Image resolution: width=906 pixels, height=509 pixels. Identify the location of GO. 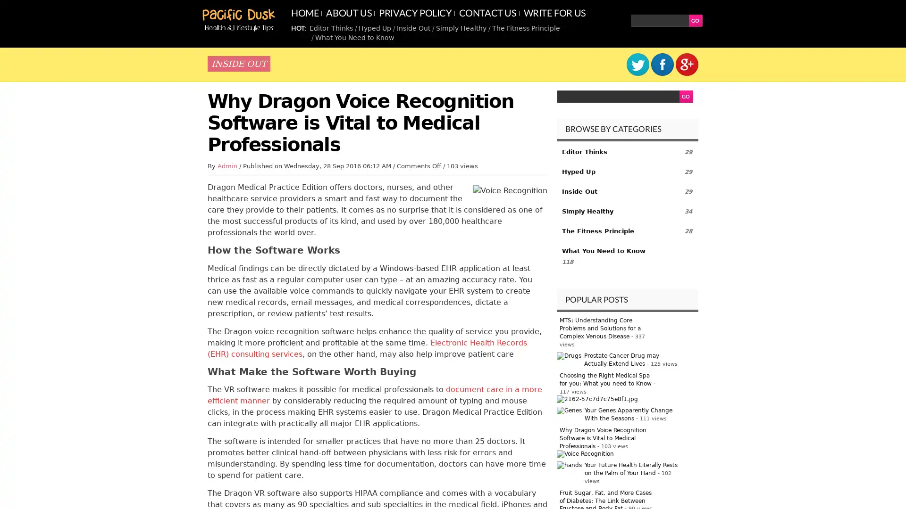
(696, 20).